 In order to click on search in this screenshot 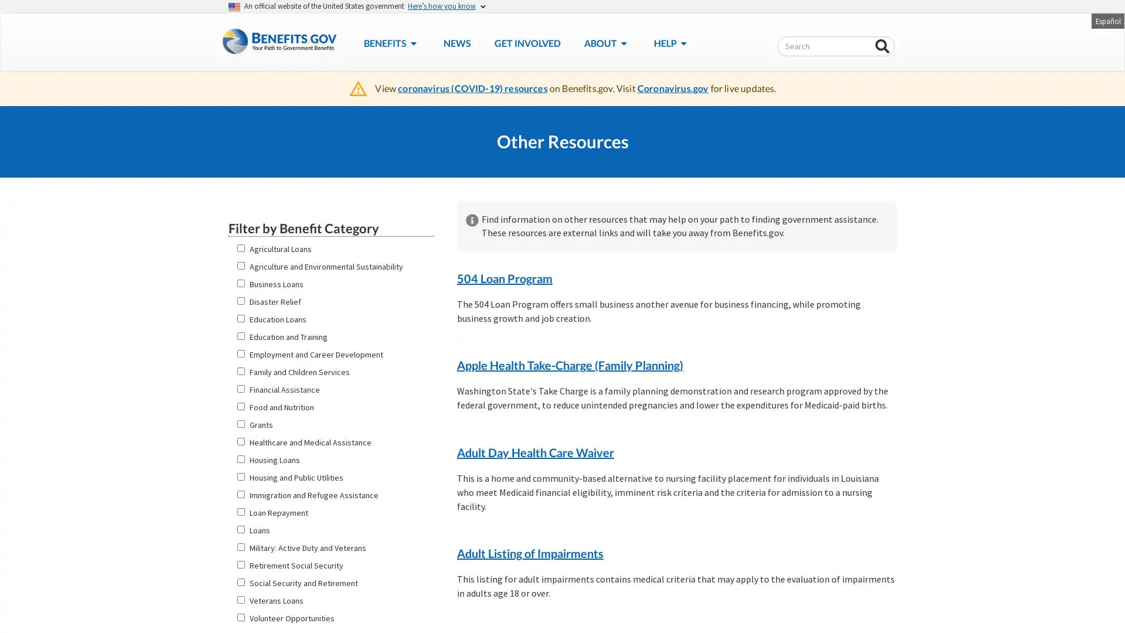, I will do `click(882, 46)`.